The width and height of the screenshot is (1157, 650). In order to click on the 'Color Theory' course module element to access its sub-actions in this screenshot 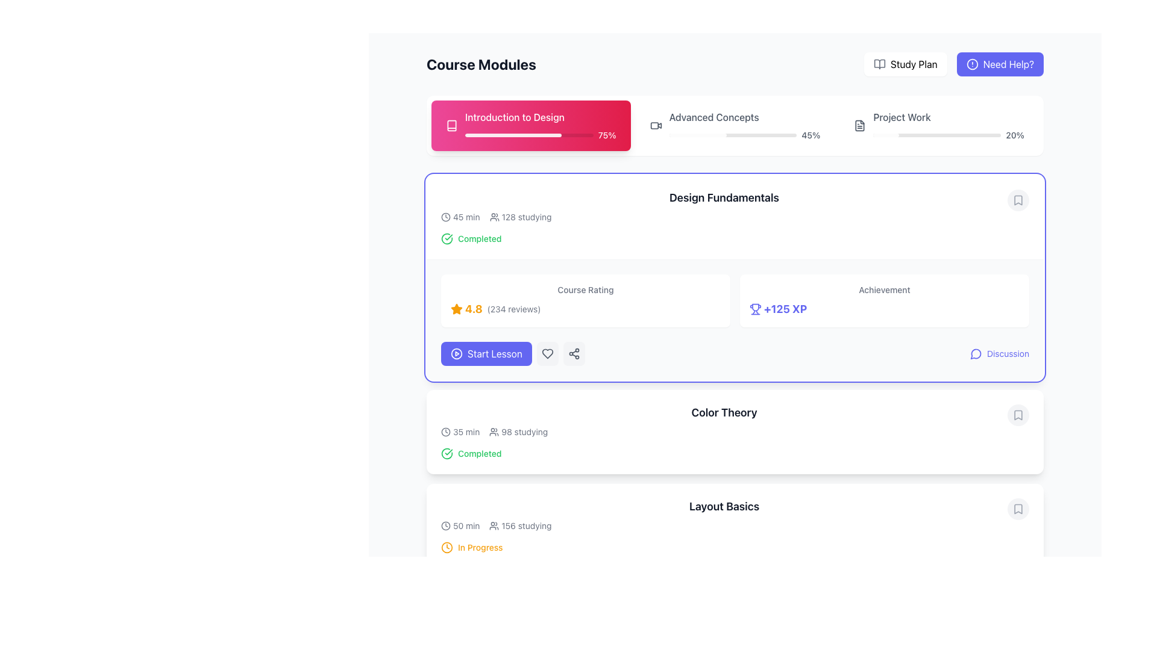, I will do `click(723, 420)`.